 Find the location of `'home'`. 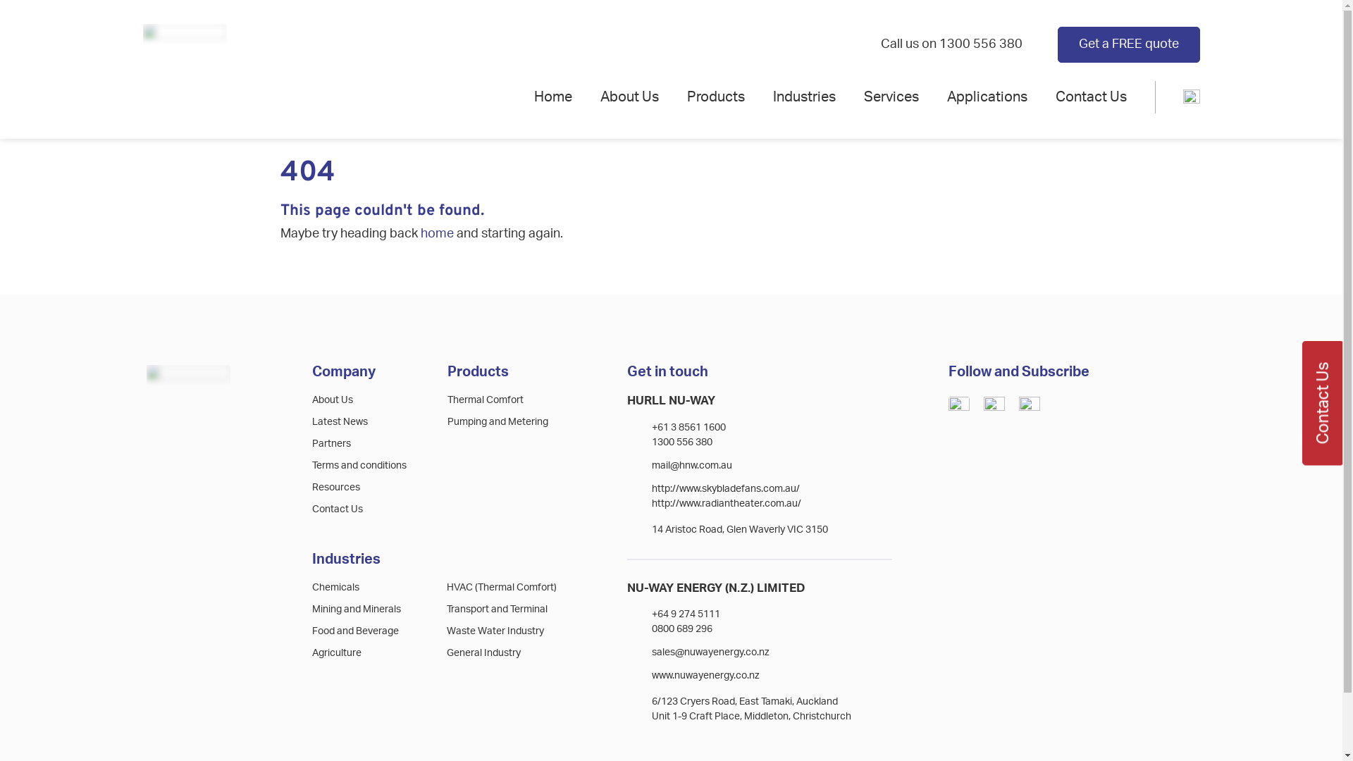

'home' is located at coordinates (419, 233).